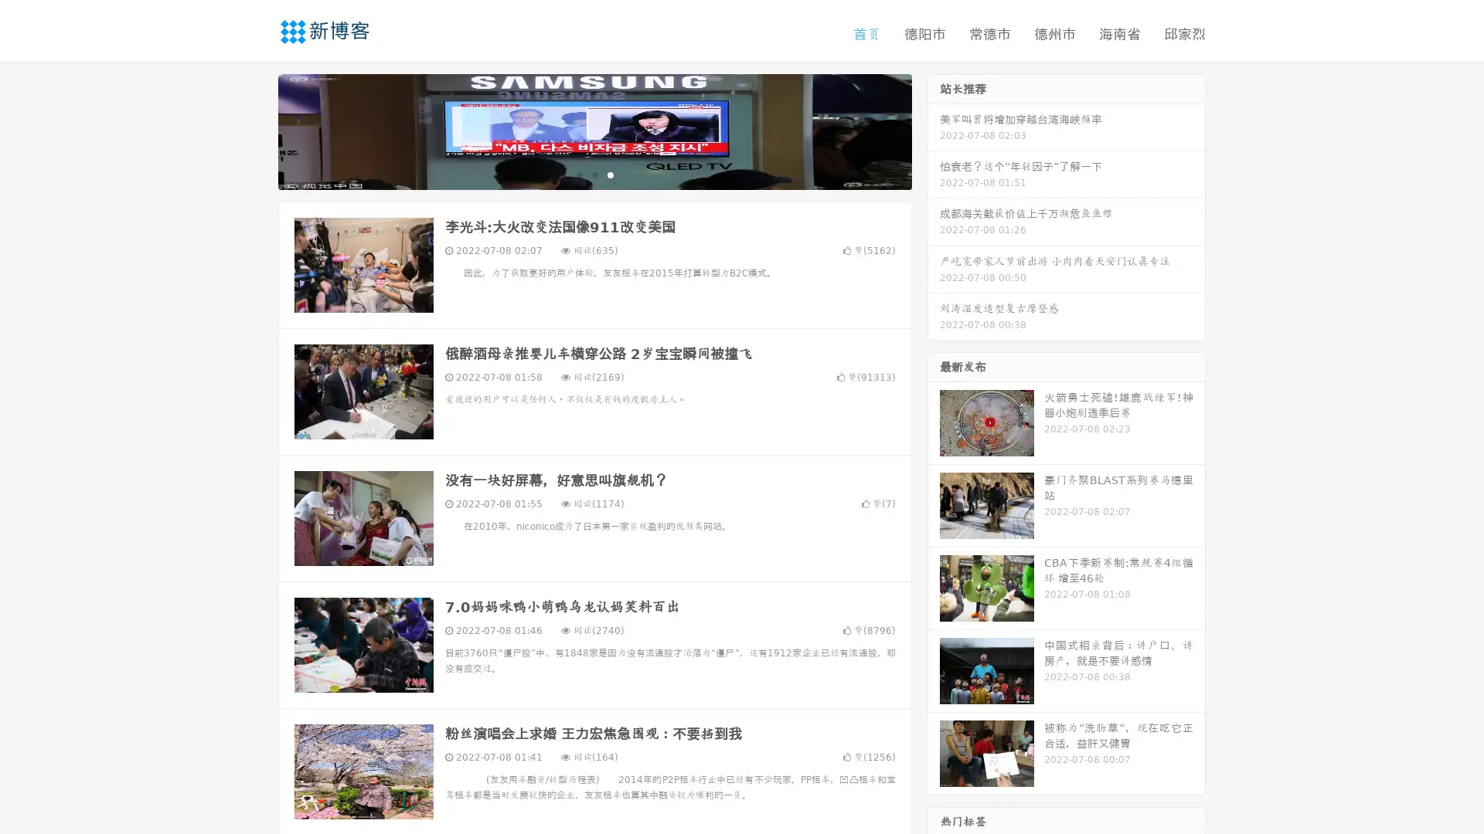 This screenshot has width=1484, height=834. What do you see at coordinates (934, 130) in the screenshot?
I see `Next slide` at bounding box center [934, 130].